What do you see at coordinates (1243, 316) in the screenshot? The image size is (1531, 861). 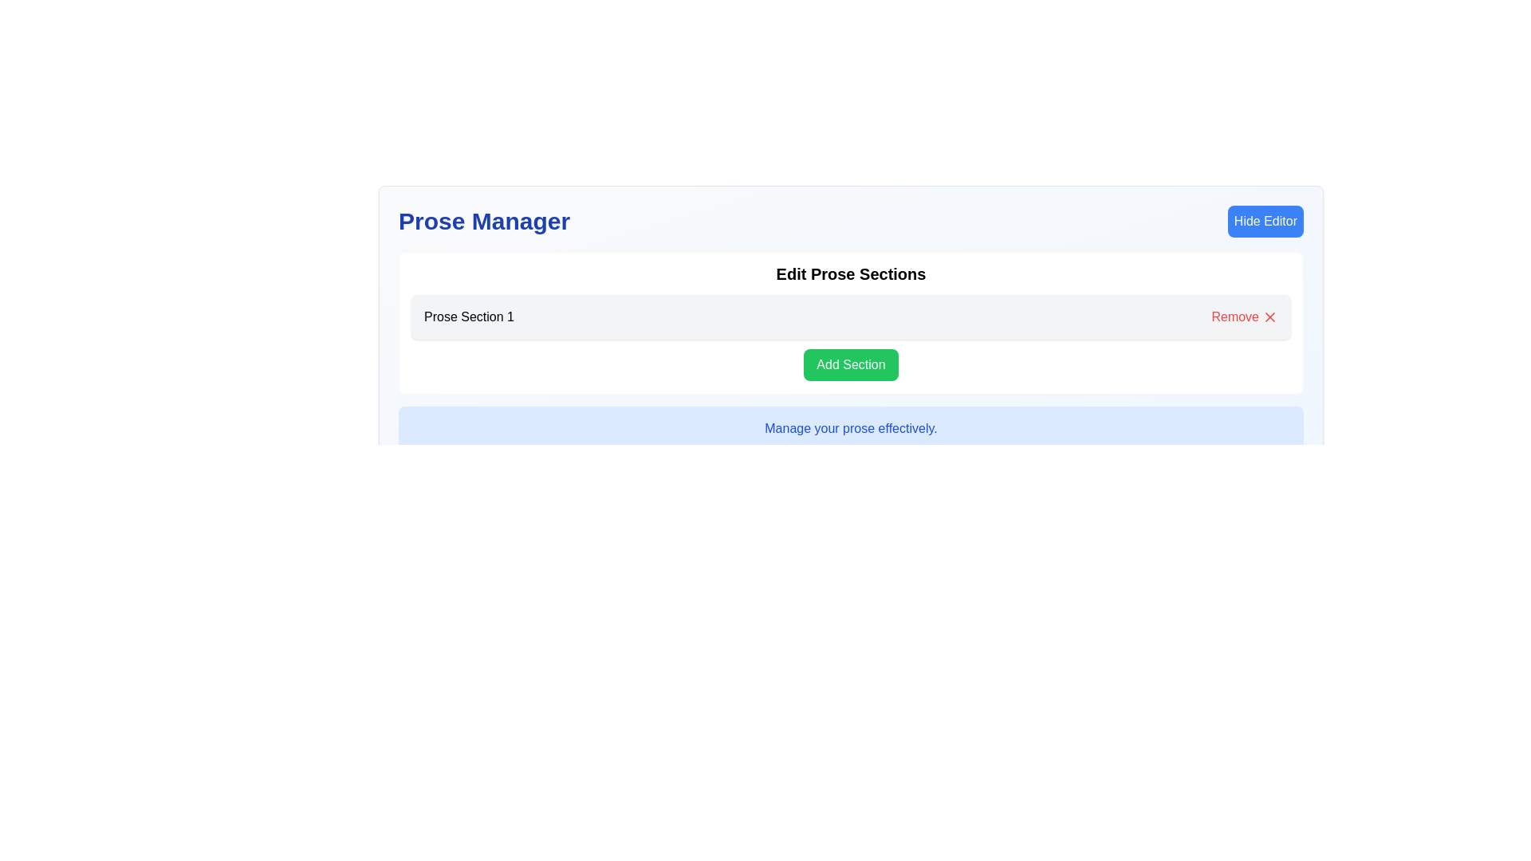 I see `the delete button positioned` at bounding box center [1243, 316].